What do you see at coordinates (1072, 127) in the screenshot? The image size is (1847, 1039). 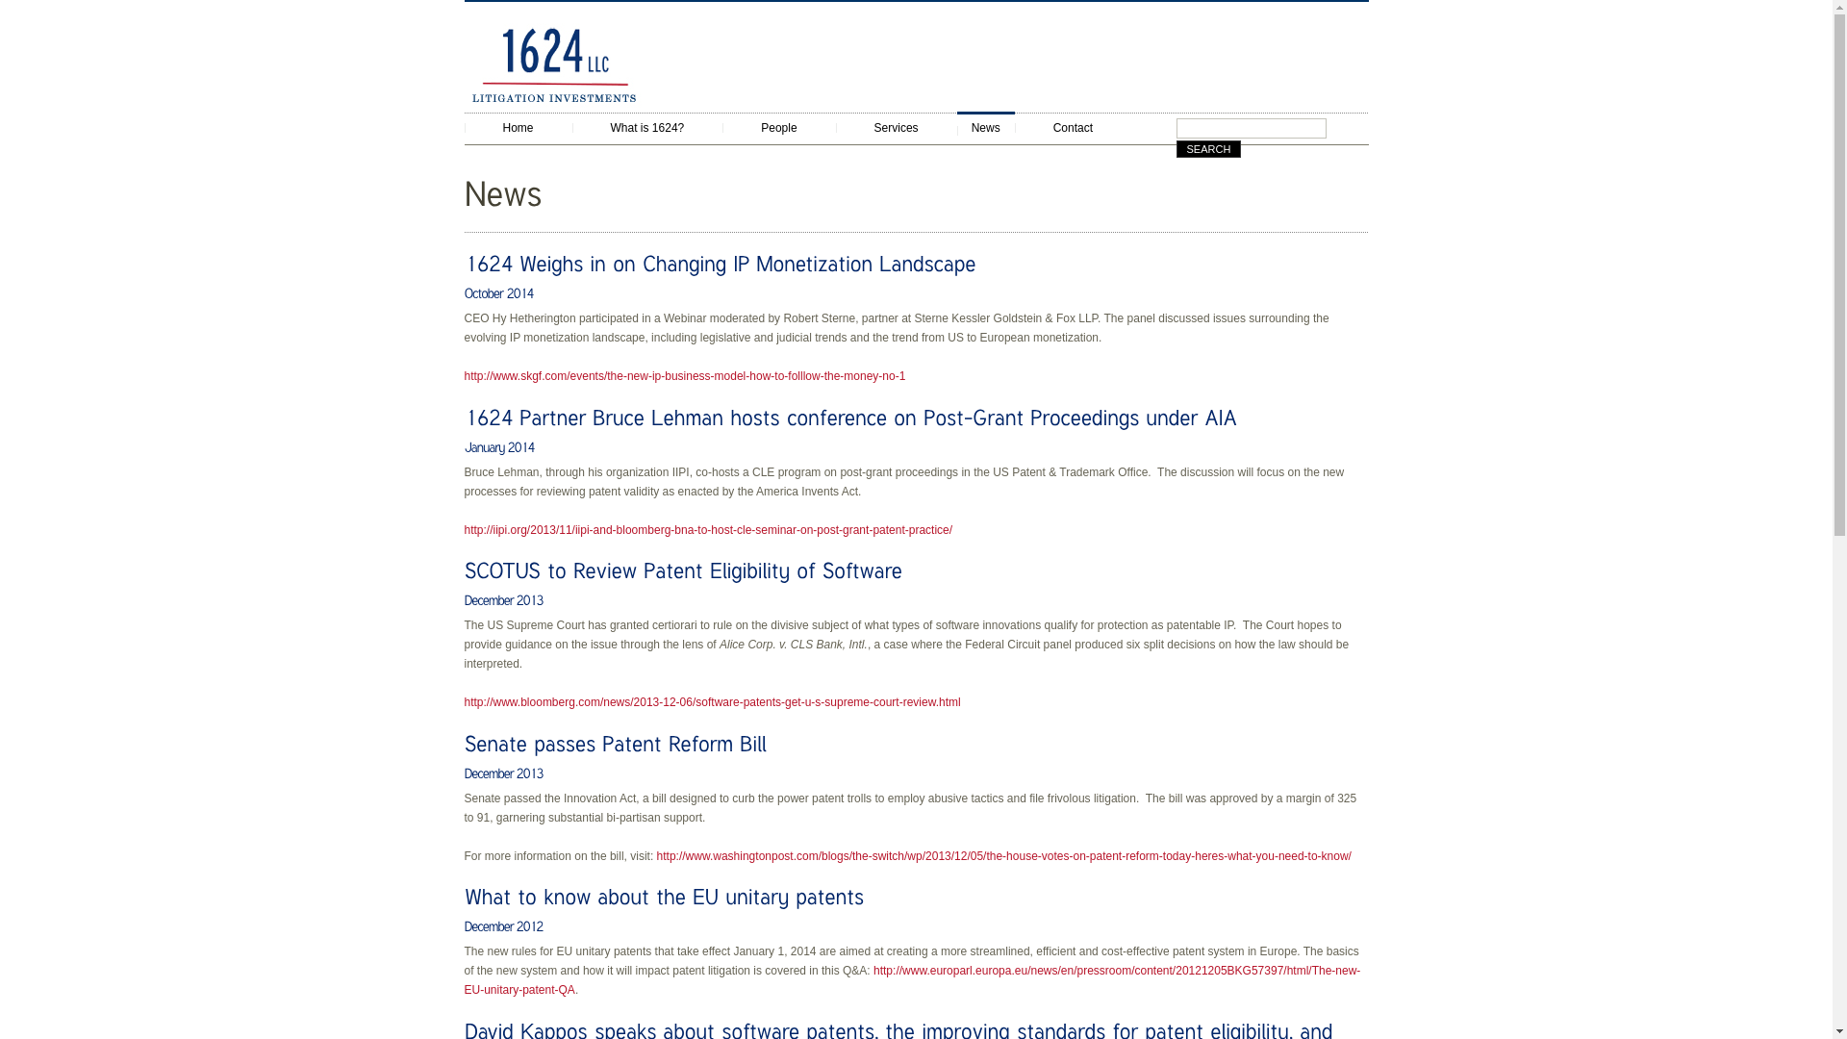 I see `'Contact'` at bounding box center [1072, 127].